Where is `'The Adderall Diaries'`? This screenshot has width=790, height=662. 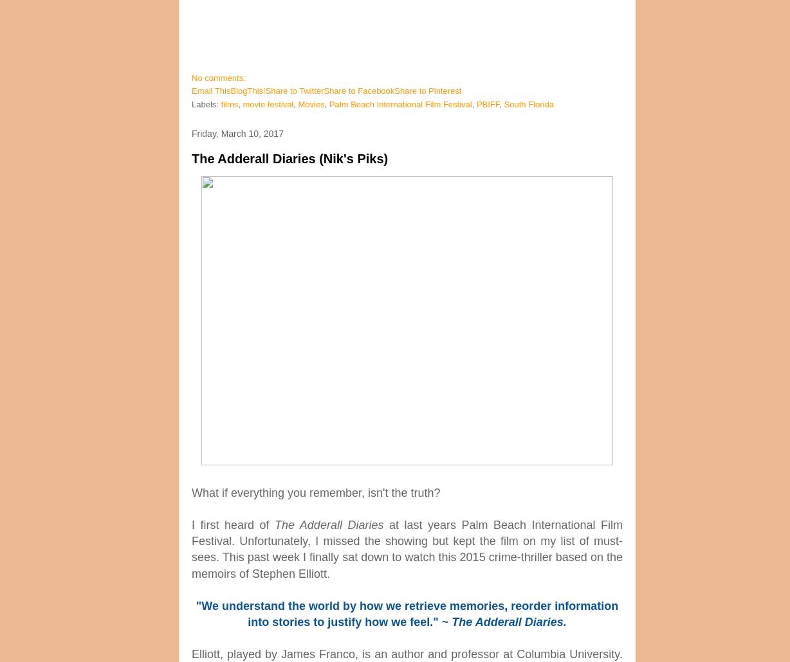
'The Adderall Diaries' is located at coordinates (328, 523).